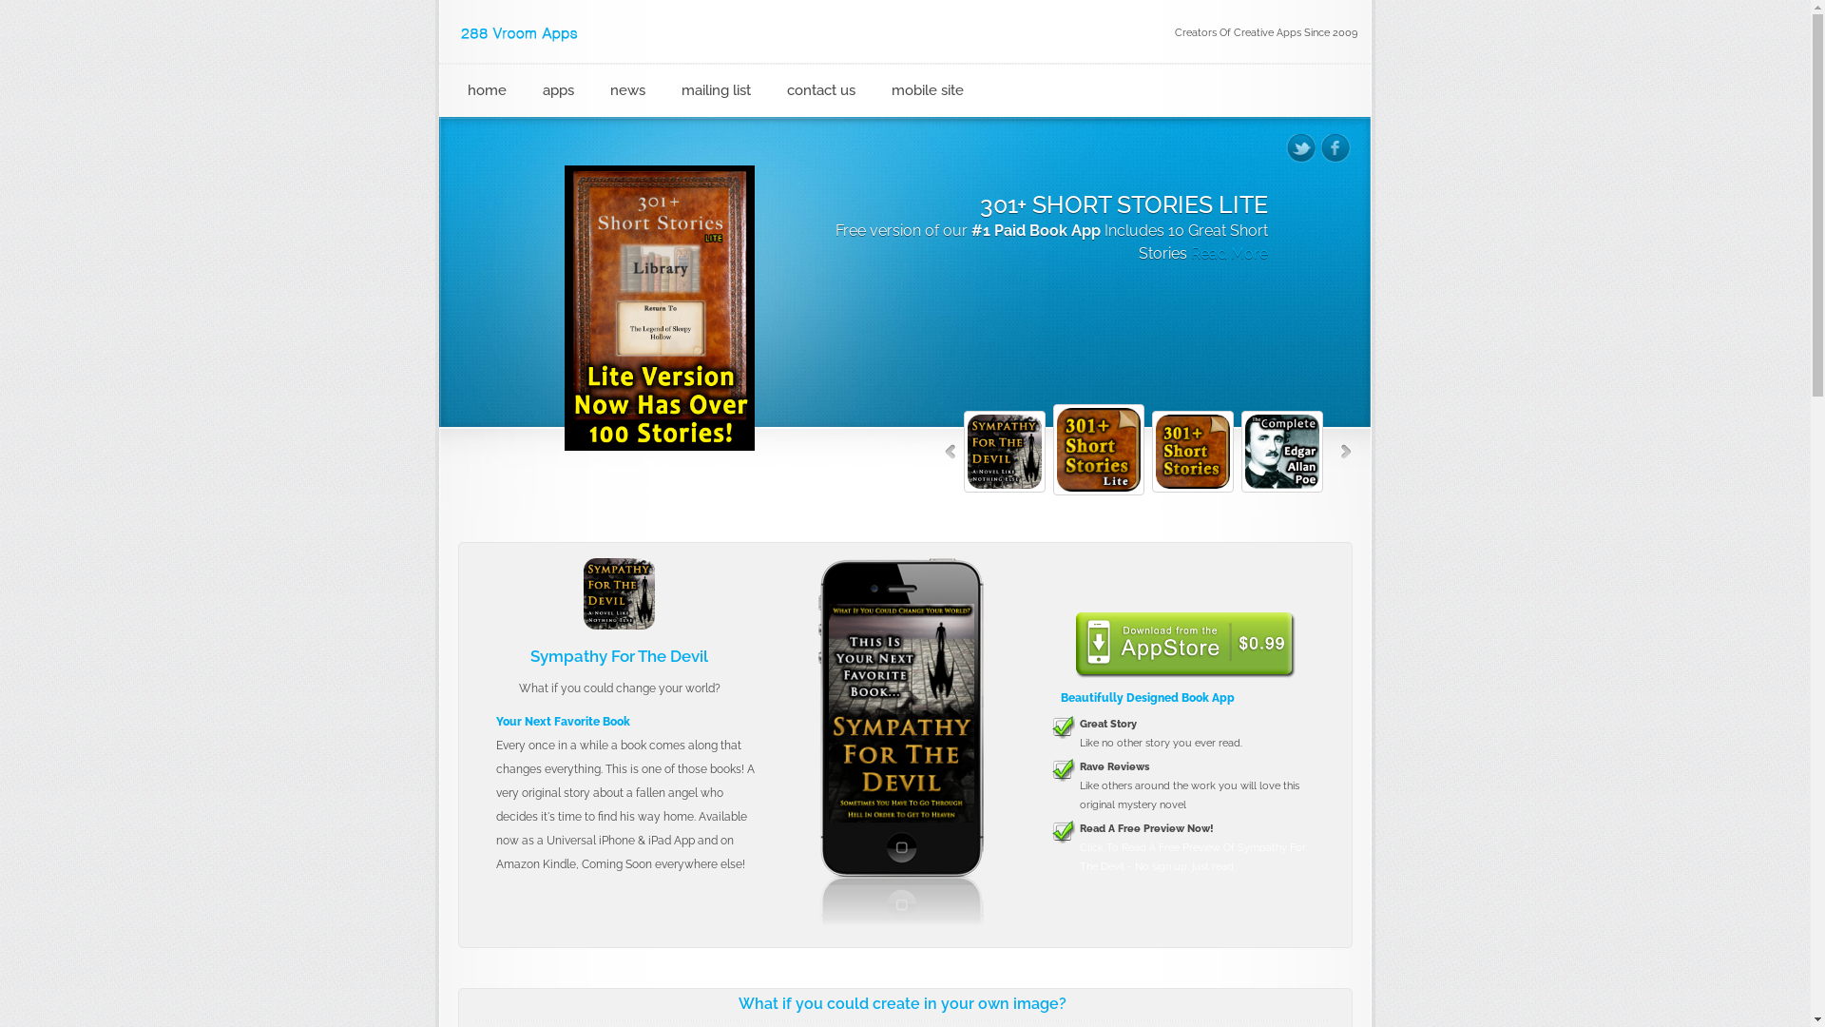 The height and width of the screenshot is (1027, 1825). Describe the element at coordinates (532, 90) in the screenshot. I see `'apps'` at that location.